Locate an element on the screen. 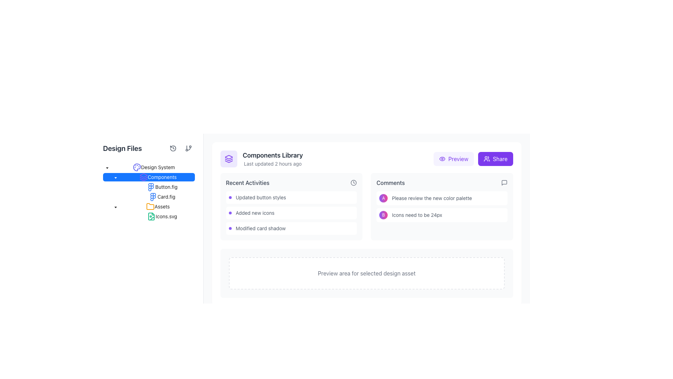 The width and height of the screenshot is (673, 379). the 'Components' icon in the left-side navigation tree to observe the tooltip for additional information is located at coordinates (143, 177).